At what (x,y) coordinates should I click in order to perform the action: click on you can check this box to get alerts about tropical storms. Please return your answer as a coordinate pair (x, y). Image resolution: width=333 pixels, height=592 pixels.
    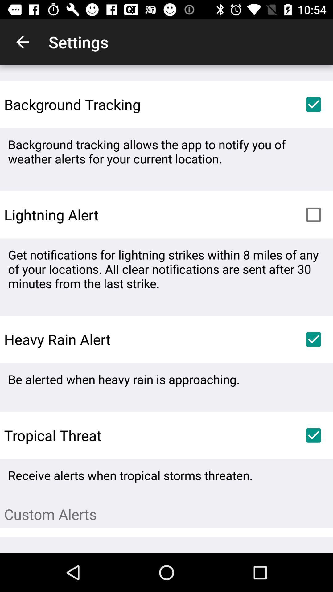
    Looking at the image, I should click on (314, 435).